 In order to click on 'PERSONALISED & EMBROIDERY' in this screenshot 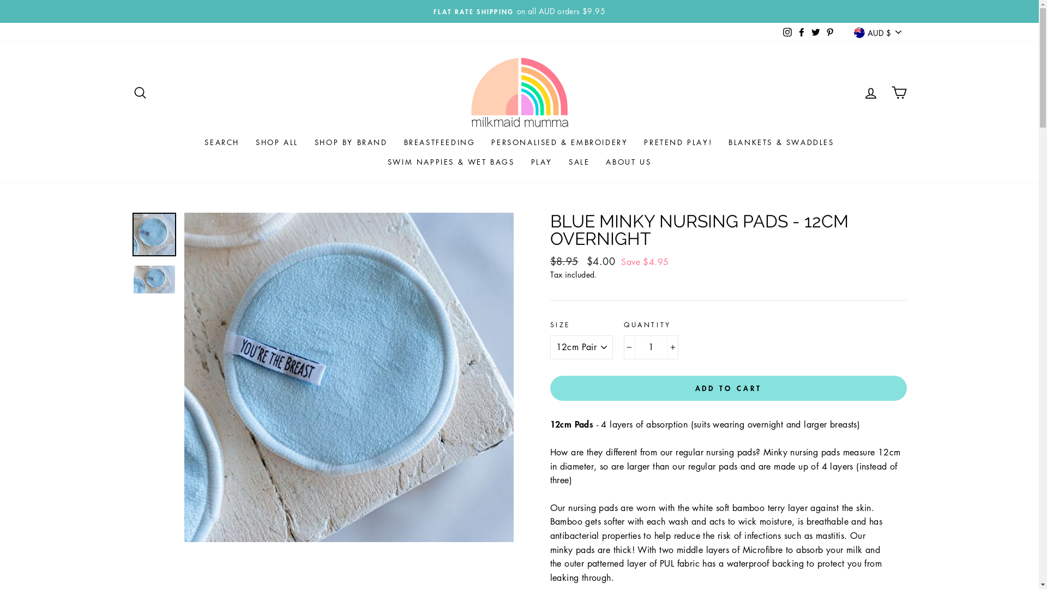, I will do `click(559, 142)`.